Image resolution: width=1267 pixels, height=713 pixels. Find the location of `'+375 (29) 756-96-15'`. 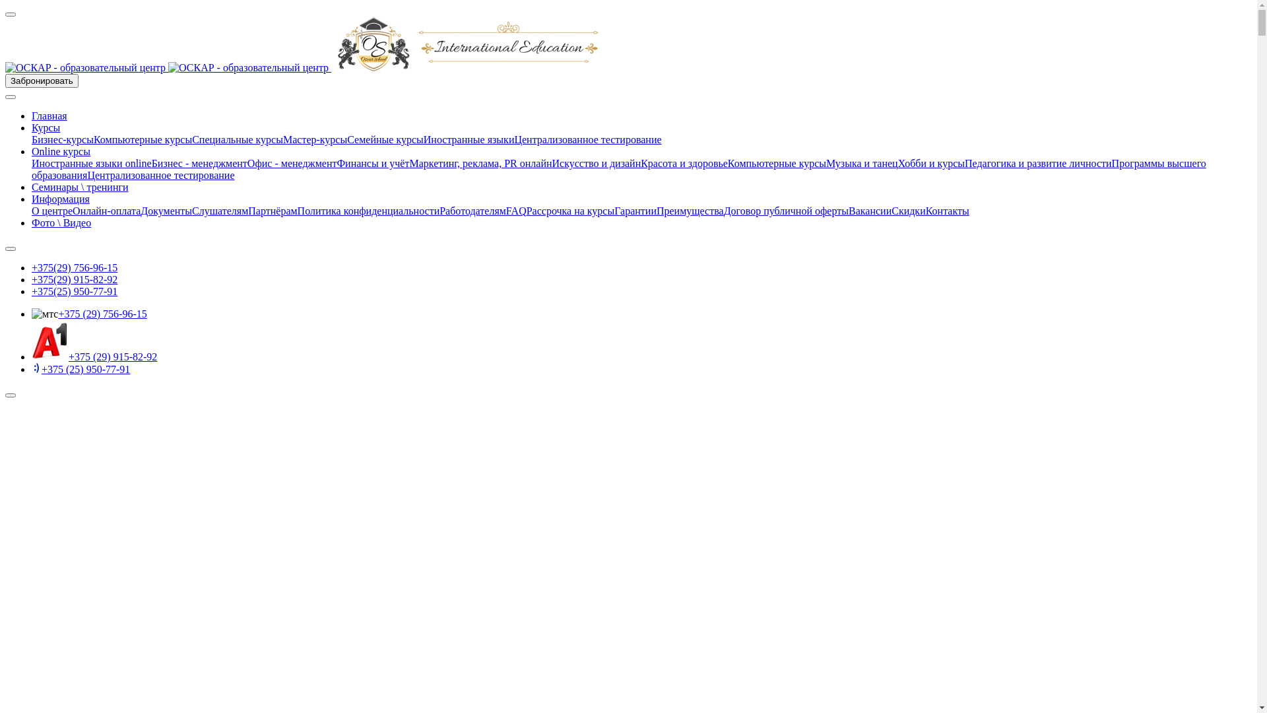

'+375 (29) 756-96-15' is located at coordinates (101, 314).